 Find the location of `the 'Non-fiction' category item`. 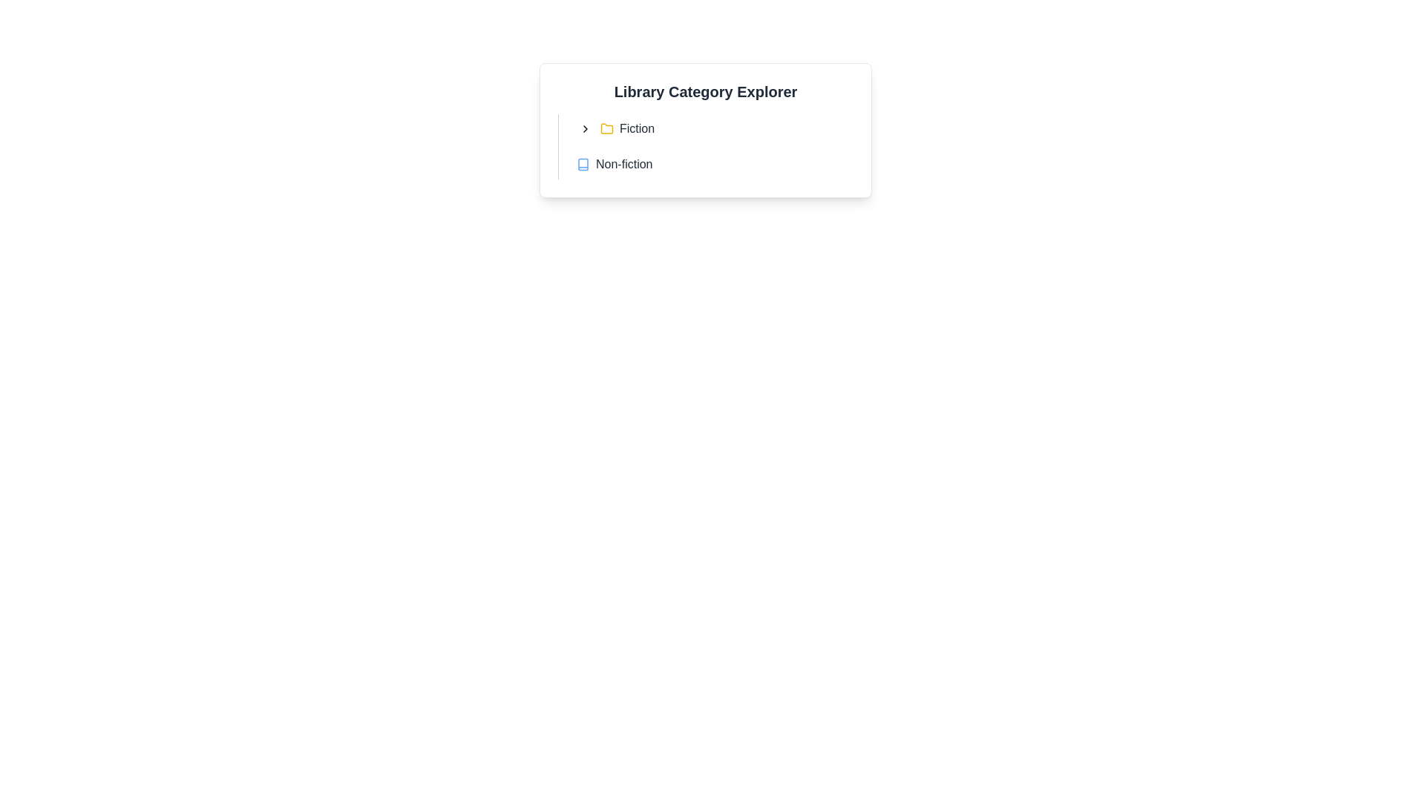

the 'Non-fiction' category item is located at coordinates (711, 165).